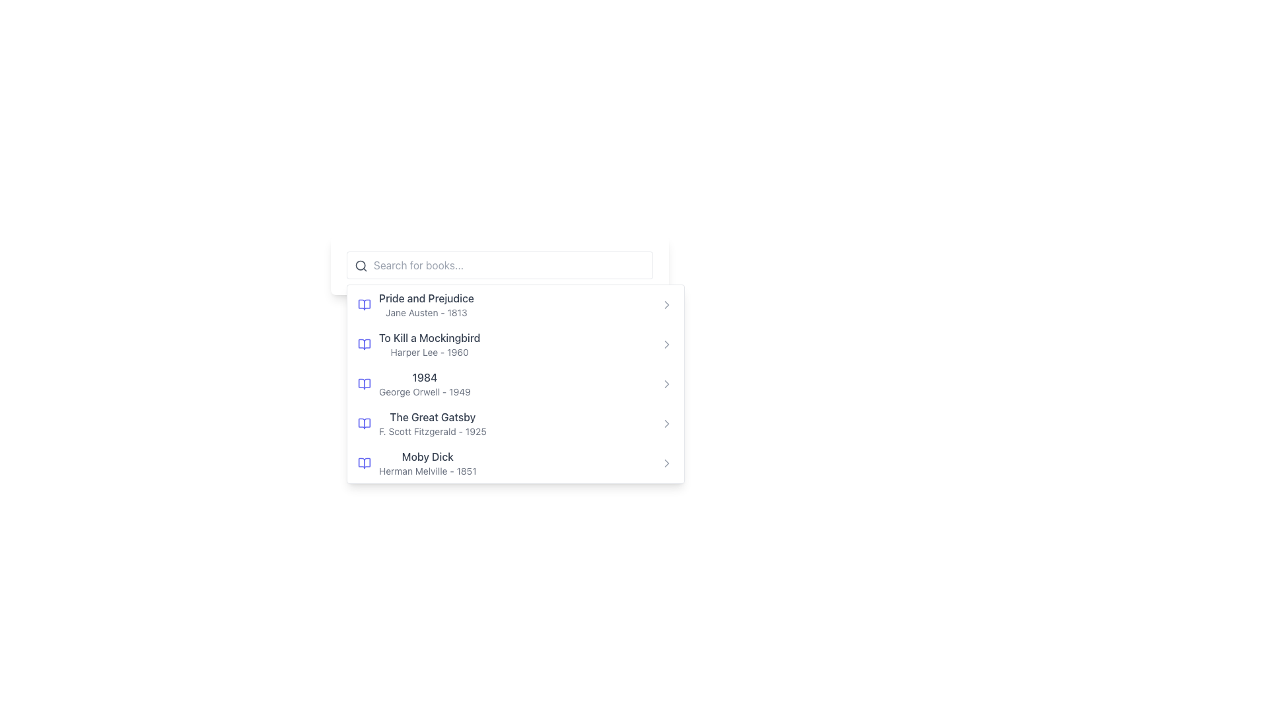 The image size is (1268, 713). What do you see at coordinates (666, 305) in the screenshot?
I see `the chevron icon to the right of the list item labeled 'Pride and Prejudice - Jane Austen - 1813'` at bounding box center [666, 305].